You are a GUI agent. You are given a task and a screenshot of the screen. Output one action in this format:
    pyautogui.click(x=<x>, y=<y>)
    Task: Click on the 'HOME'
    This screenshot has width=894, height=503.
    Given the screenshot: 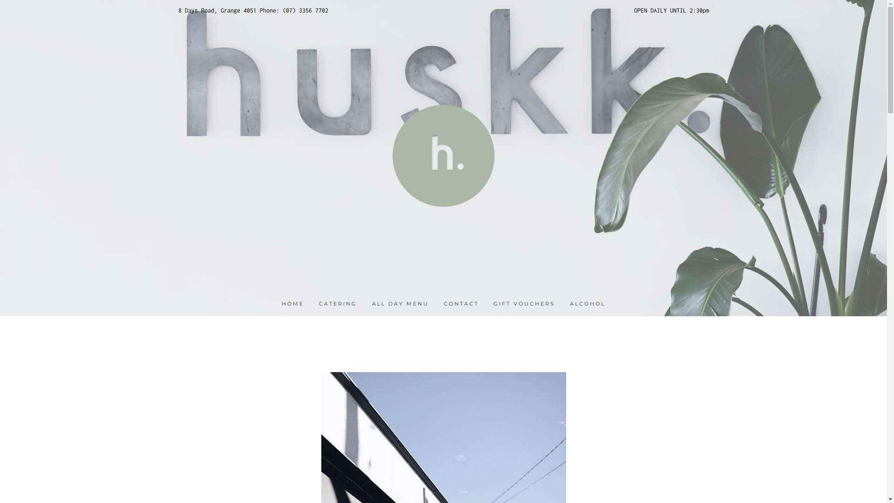 What is the action you would take?
    pyautogui.click(x=292, y=304)
    